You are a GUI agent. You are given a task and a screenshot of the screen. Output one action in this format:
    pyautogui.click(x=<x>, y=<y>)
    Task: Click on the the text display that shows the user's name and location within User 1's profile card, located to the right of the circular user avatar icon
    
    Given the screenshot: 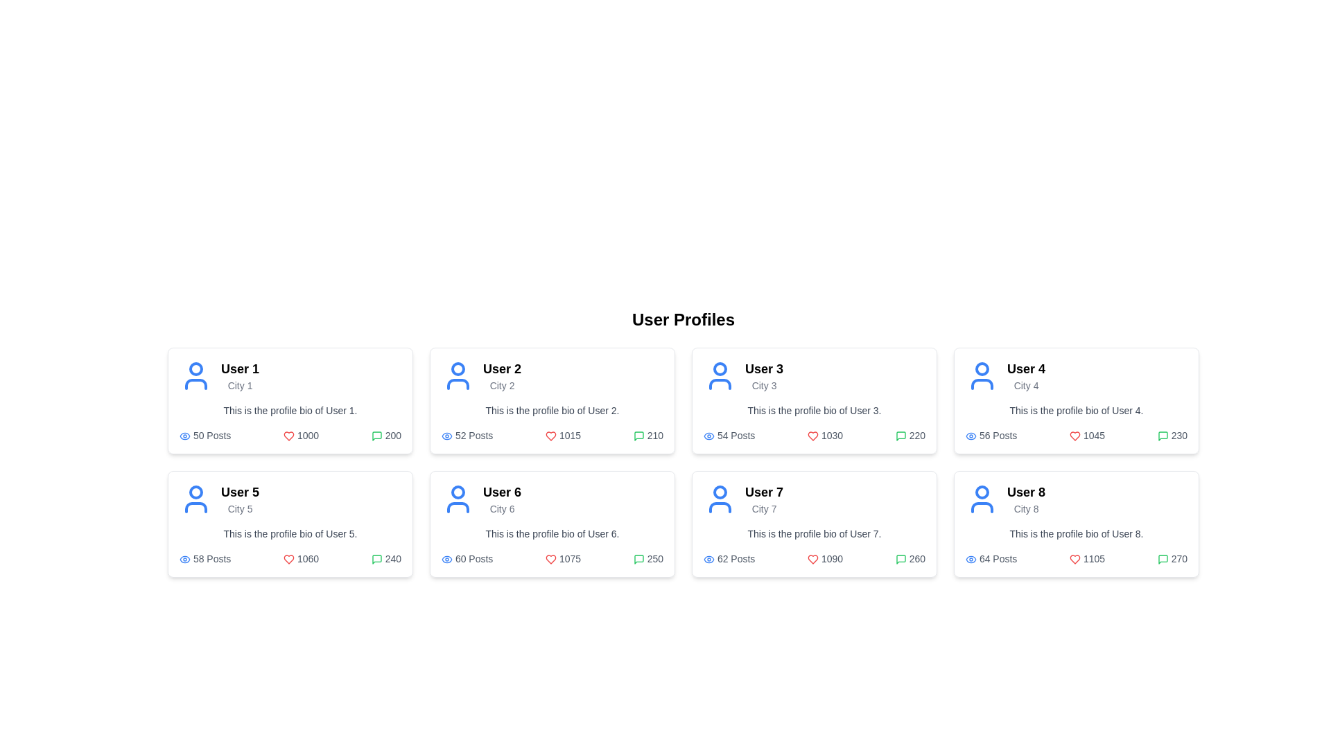 What is the action you would take?
    pyautogui.click(x=240, y=376)
    